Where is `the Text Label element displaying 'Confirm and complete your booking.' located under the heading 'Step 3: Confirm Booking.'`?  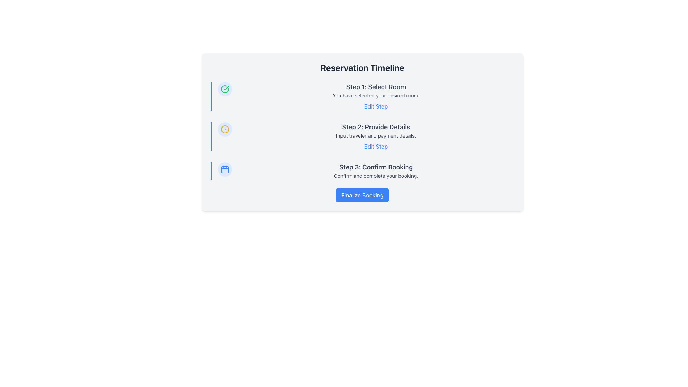
the Text Label element displaying 'Confirm and complete your booking.' located under the heading 'Step 3: Confirm Booking.' is located at coordinates (376, 176).